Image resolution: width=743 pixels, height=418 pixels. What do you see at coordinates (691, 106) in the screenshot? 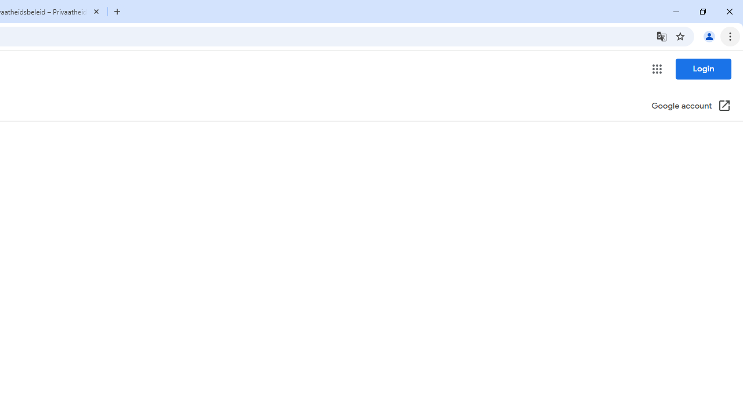
I see `'Google Account (Opens in new window)'` at bounding box center [691, 106].